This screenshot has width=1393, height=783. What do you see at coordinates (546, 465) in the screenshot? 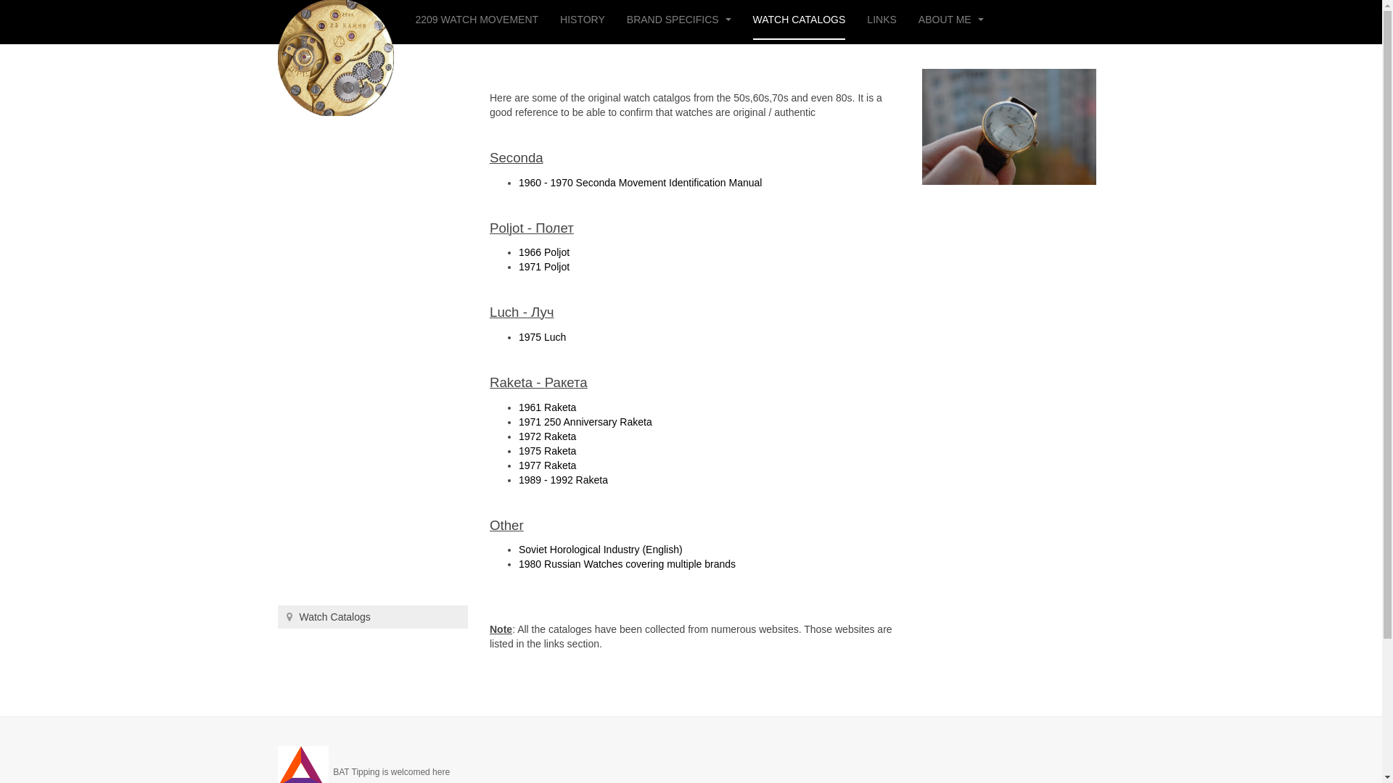
I see `'1977 Raketa'` at bounding box center [546, 465].